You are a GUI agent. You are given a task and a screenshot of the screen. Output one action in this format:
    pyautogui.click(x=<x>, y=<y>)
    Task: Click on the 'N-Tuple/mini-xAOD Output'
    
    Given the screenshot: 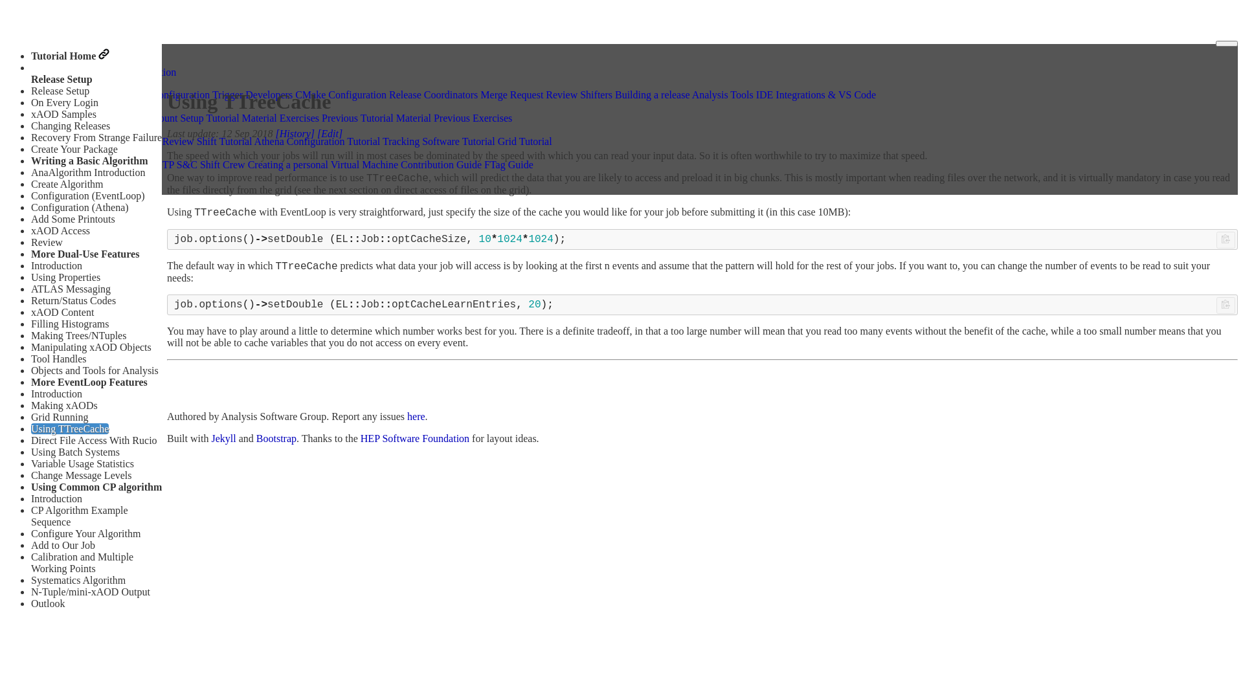 What is the action you would take?
    pyautogui.click(x=89, y=592)
    